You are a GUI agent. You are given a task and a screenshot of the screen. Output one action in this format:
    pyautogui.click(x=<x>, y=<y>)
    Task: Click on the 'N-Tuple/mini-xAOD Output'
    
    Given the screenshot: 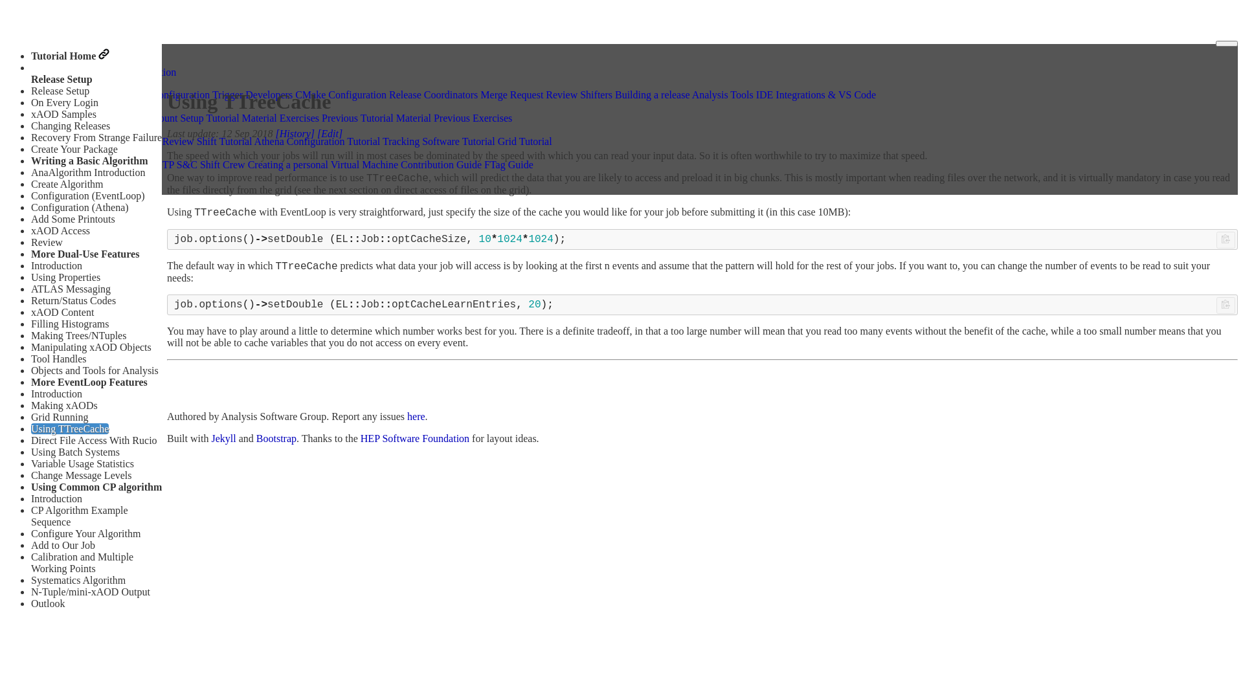 What is the action you would take?
    pyautogui.click(x=89, y=592)
    